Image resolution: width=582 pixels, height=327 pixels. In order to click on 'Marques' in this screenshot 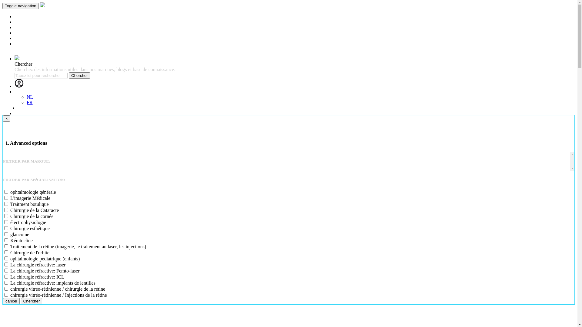, I will do `click(23, 21)`.